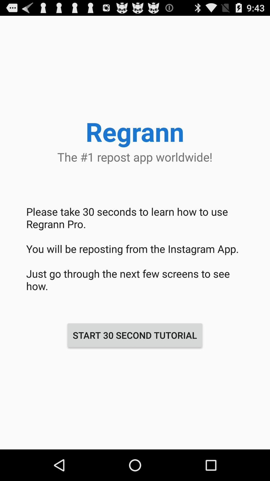 This screenshot has width=270, height=481. Describe the element at coordinates (134, 335) in the screenshot. I see `the item below please take 30 icon` at that location.